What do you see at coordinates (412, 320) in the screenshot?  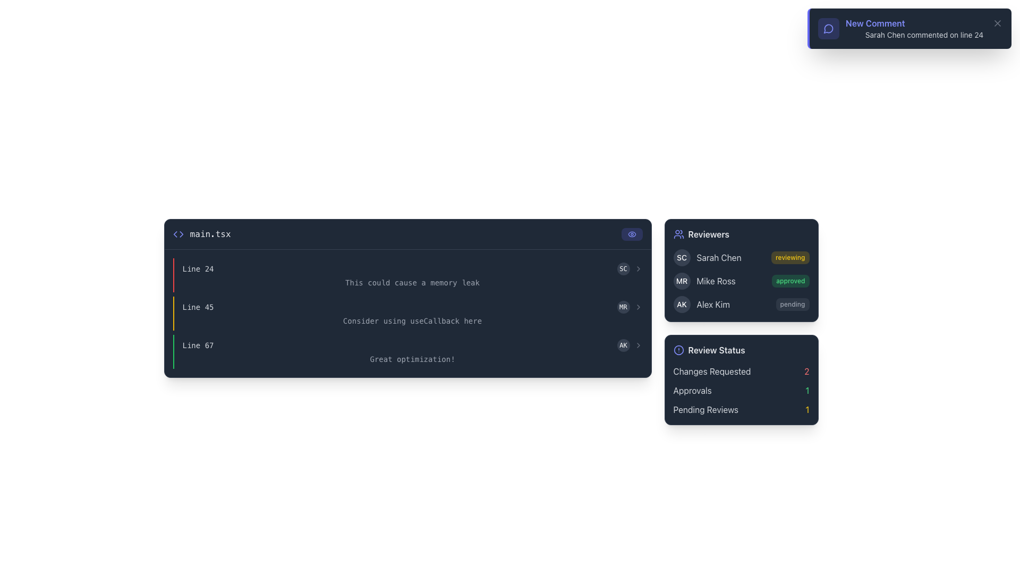 I see `the static text element that provides suggestions related to the code on line 45, specifically recommending 'useCallback'` at bounding box center [412, 320].